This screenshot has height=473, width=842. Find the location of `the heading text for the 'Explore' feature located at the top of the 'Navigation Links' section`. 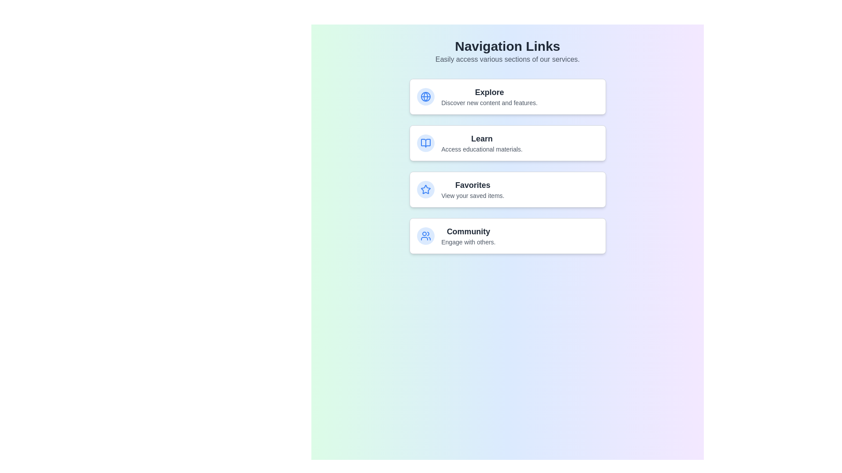

the heading text for the 'Explore' feature located at the top of the 'Navigation Links' section is located at coordinates (489, 92).